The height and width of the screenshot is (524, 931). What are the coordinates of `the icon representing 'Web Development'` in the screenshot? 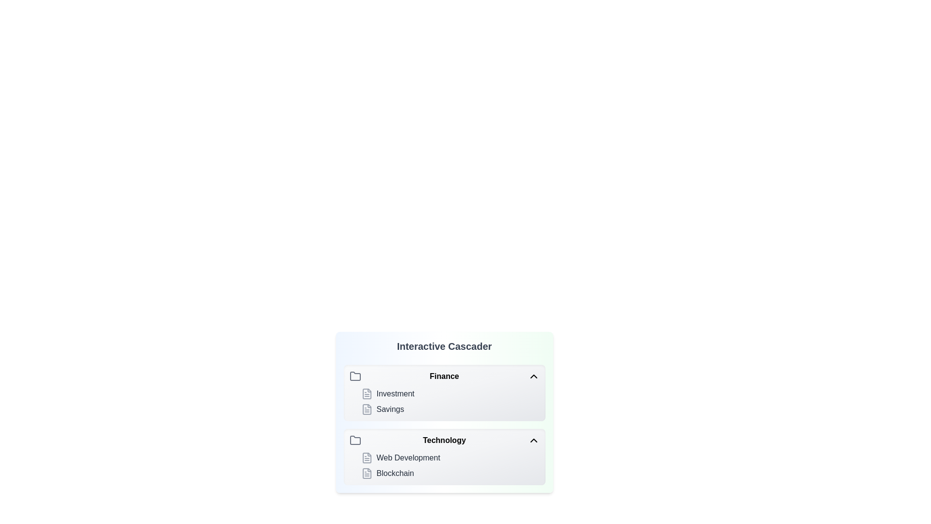 It's located at (366, 458).